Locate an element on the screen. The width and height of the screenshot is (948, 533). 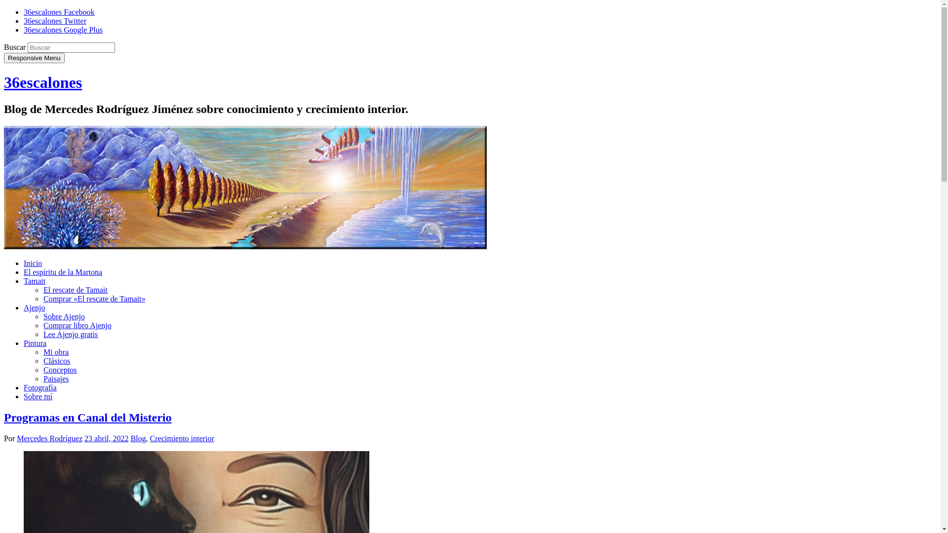
'36escalones Google Plus' is located at coordinates (63, 29).